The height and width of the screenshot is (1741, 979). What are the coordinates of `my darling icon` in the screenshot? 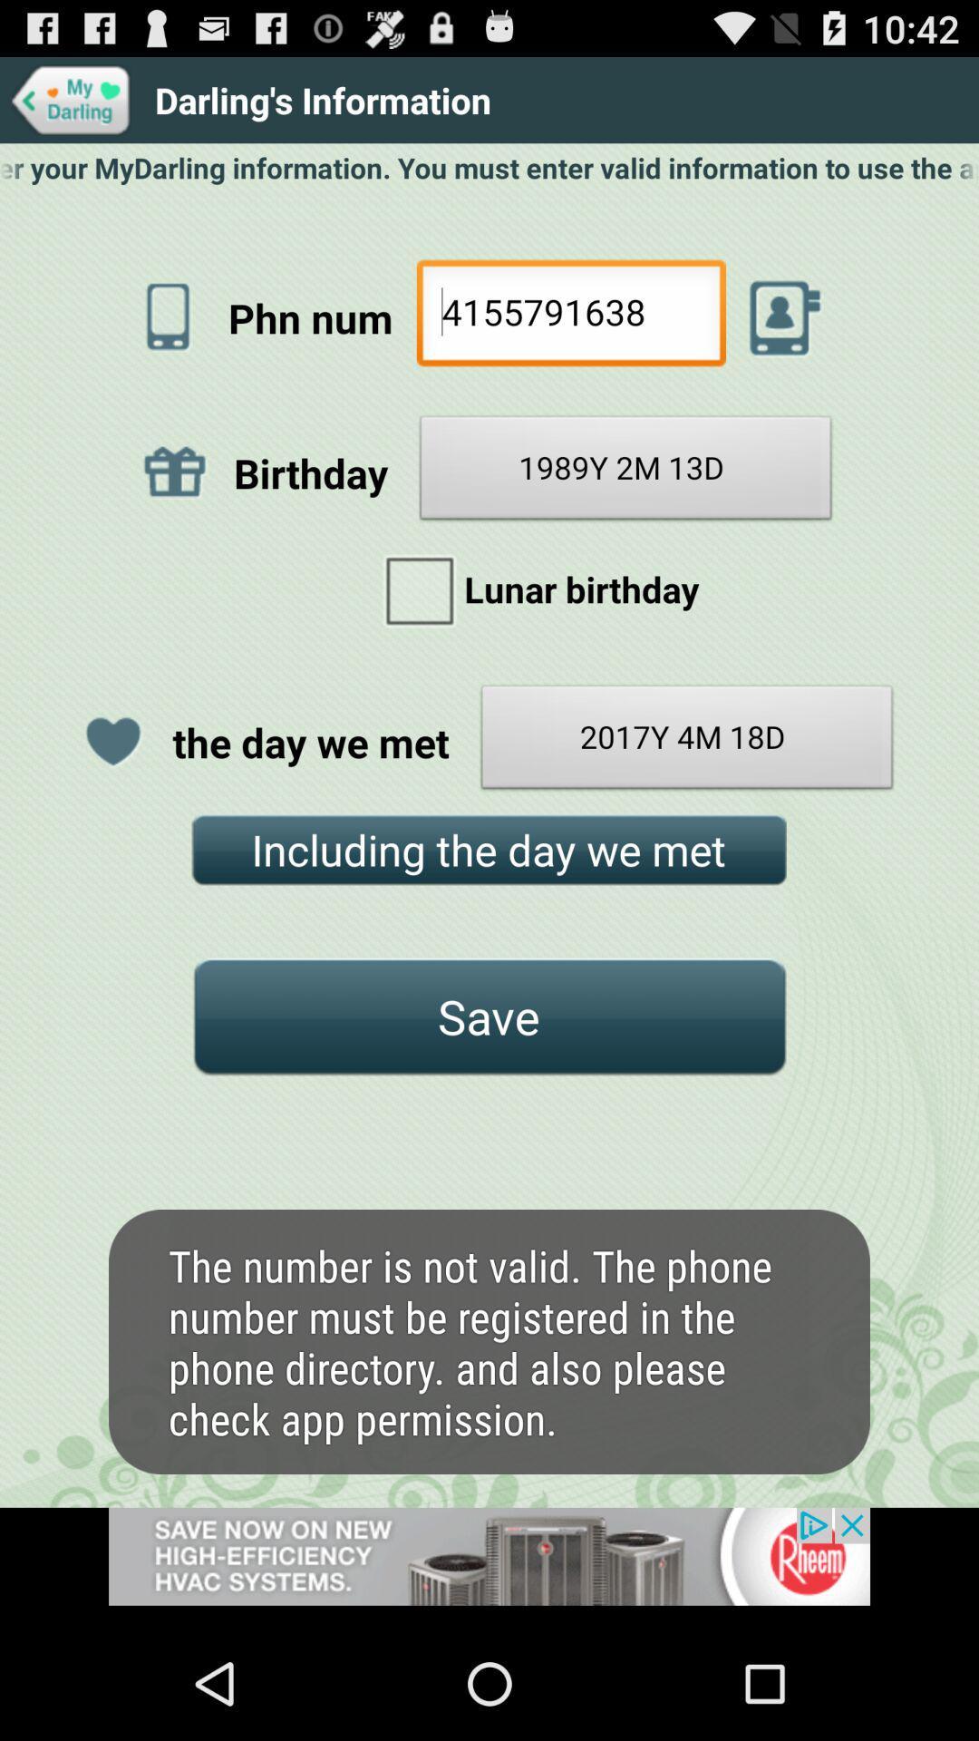 It's located at (71, 99).